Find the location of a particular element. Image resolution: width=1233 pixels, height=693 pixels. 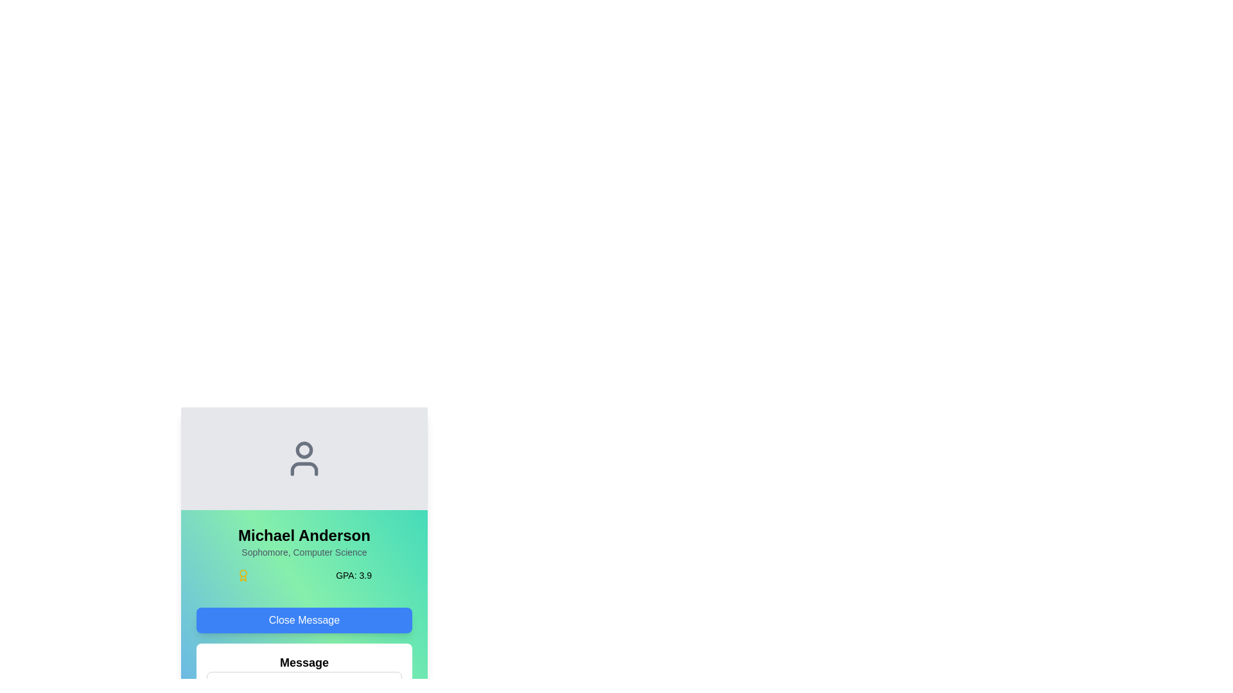

the lower section of the user avatar icon representing the curved line beneath the head of the avatar for the user 'Michael Anderson' is located at coordinates (304, 469).